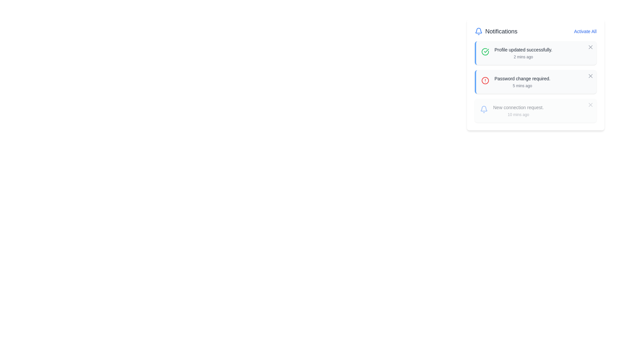  I want to click on the green circular icon with a checkmark in the center located on the left side of the 'Profile updated successfully.' notification in the notification UI, so click(485, 51).